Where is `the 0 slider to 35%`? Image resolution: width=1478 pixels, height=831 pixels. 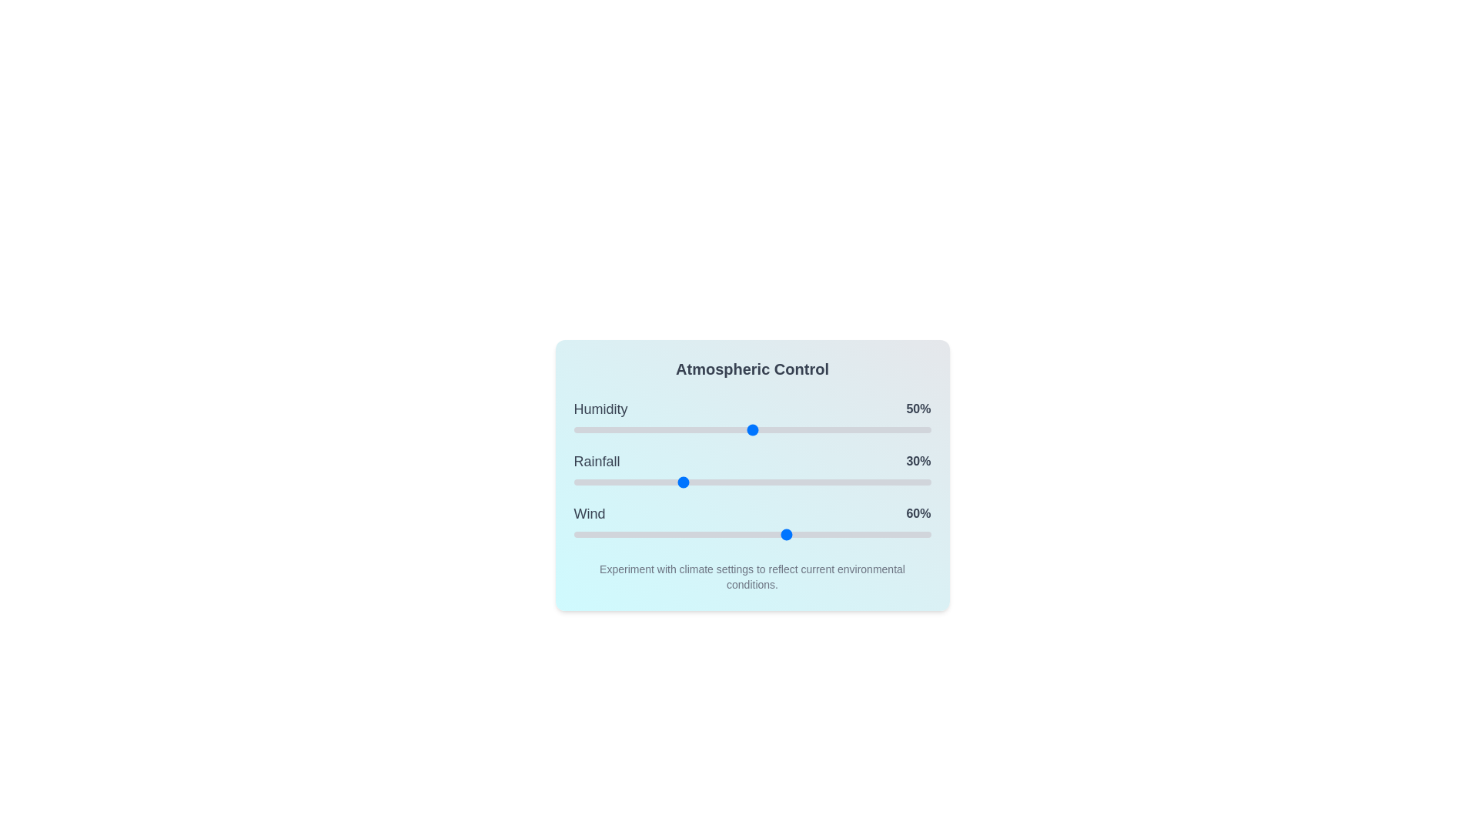 the 0 slider to 35% is located at coordinates (697, 430).